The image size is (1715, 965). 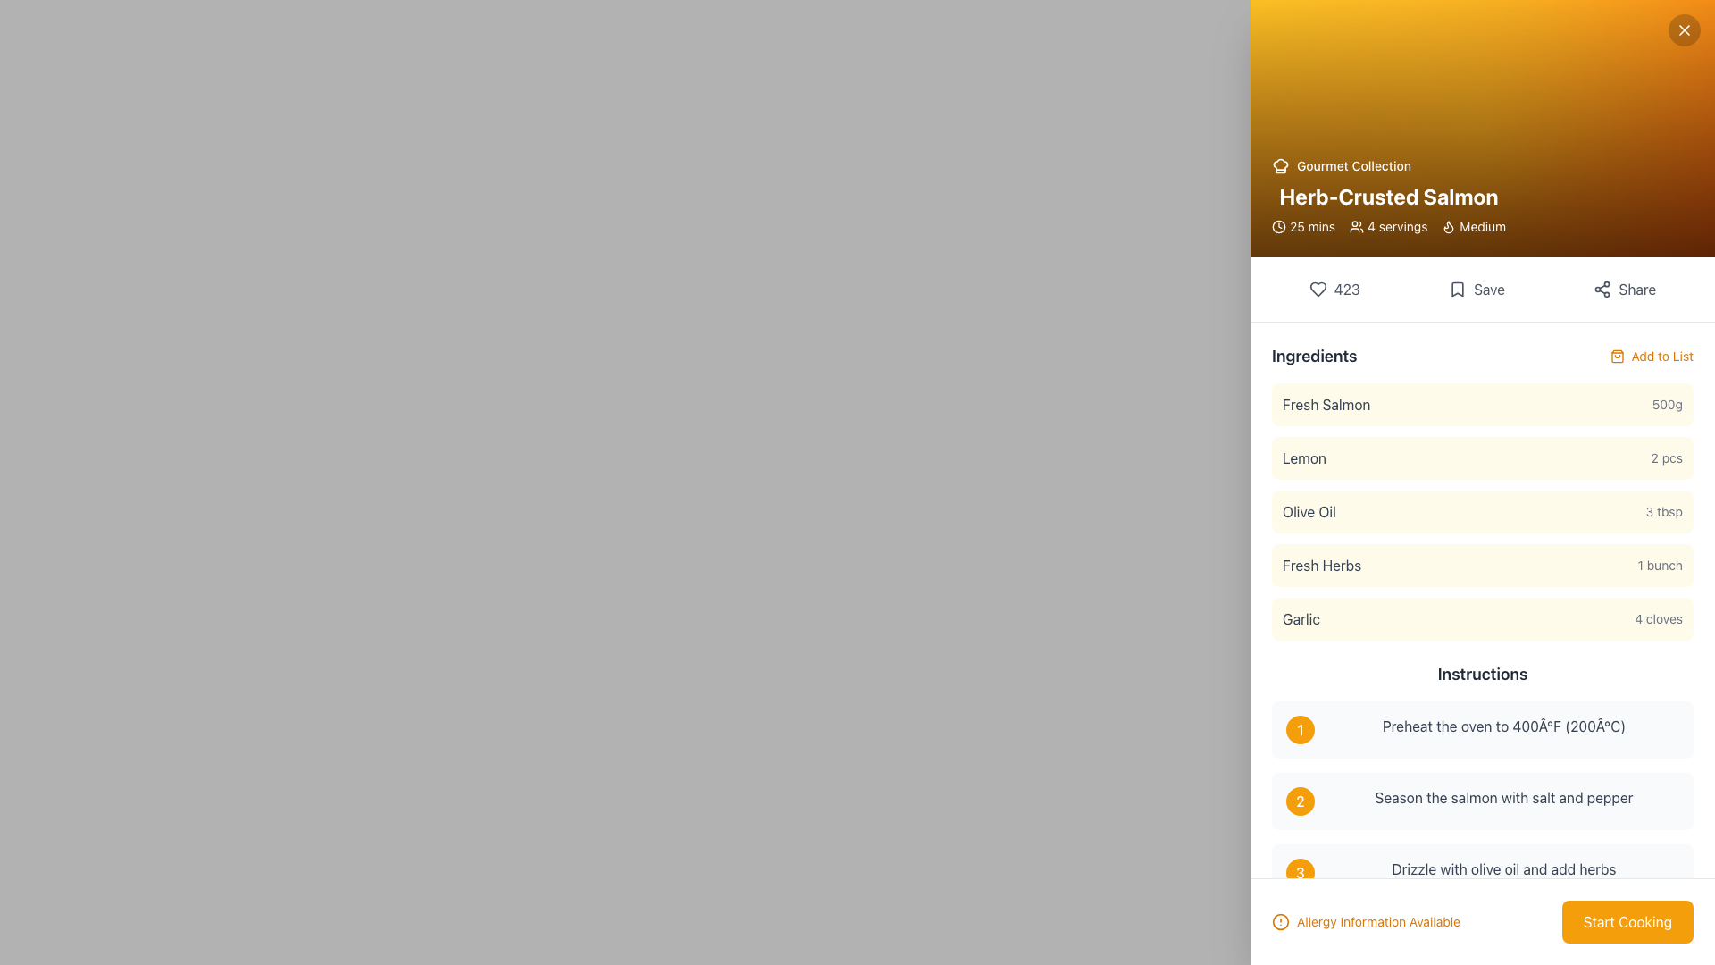 I want to click on the static text displaying the estimated cooking time for the recipe, which is located near the top-left section of the recipe details area, adjacent to a clock icon, so click(x=1312, y=226).